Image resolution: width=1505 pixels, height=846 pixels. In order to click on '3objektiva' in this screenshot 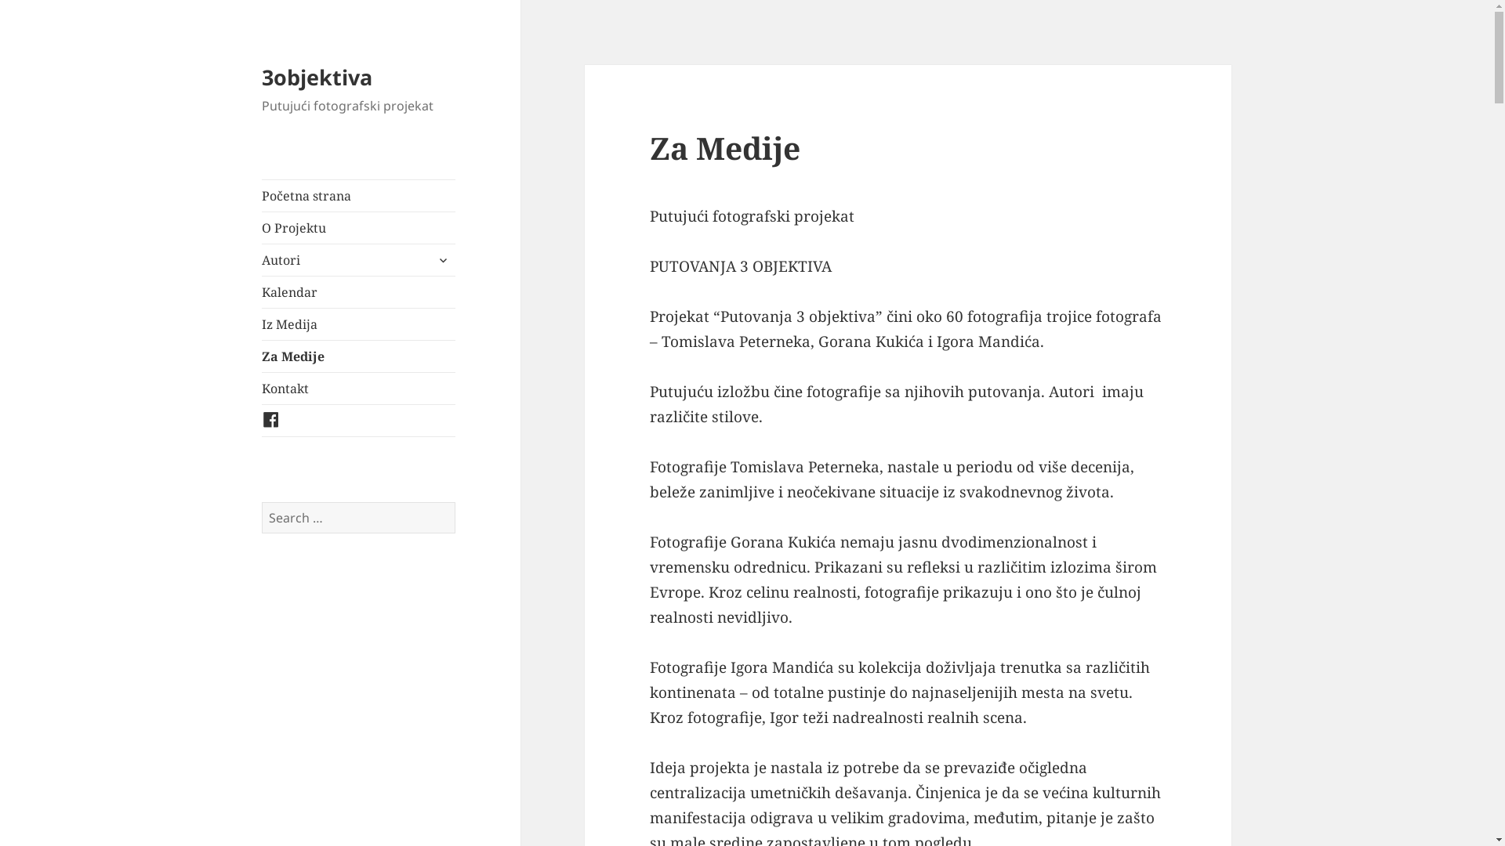, I will do `click(316, 77)`.